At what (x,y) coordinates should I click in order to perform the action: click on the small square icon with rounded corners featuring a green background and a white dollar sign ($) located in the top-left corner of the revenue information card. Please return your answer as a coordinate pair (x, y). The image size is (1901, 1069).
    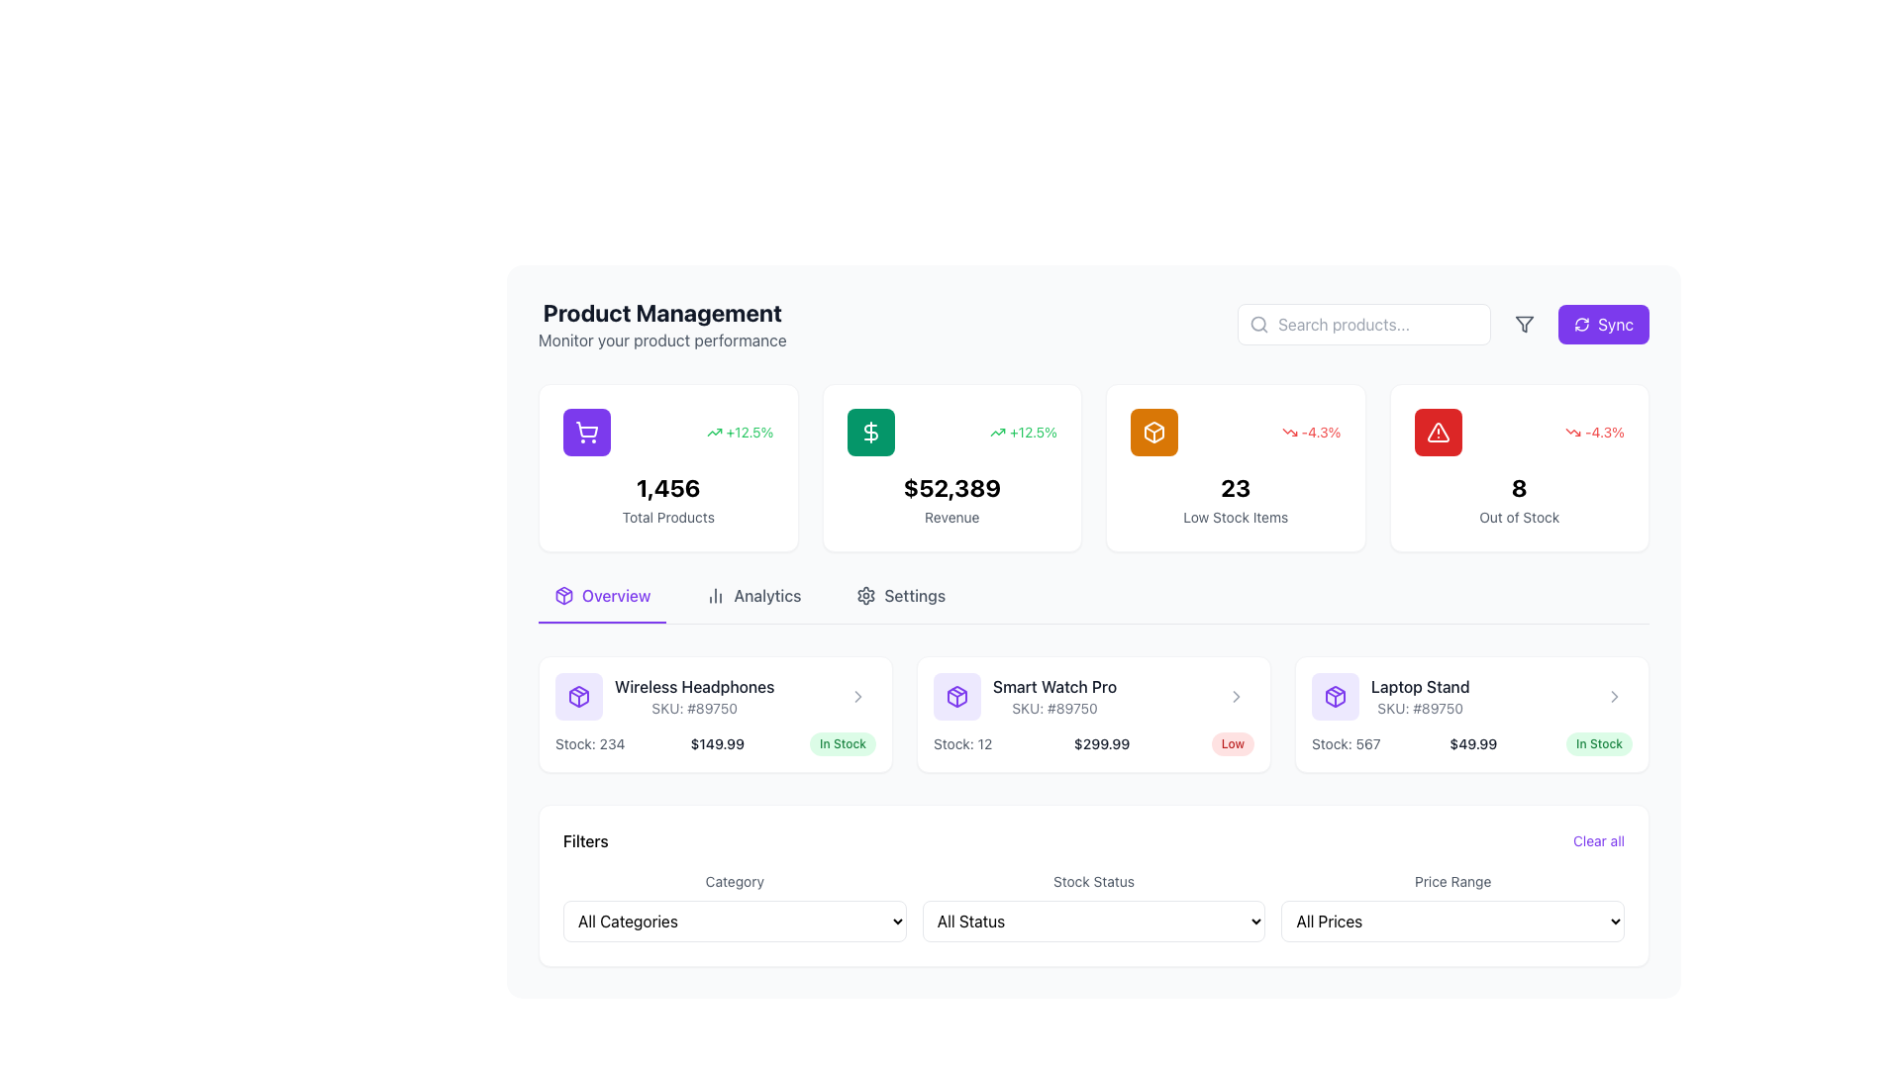
    Looking at the image, I should click on (870, 431).